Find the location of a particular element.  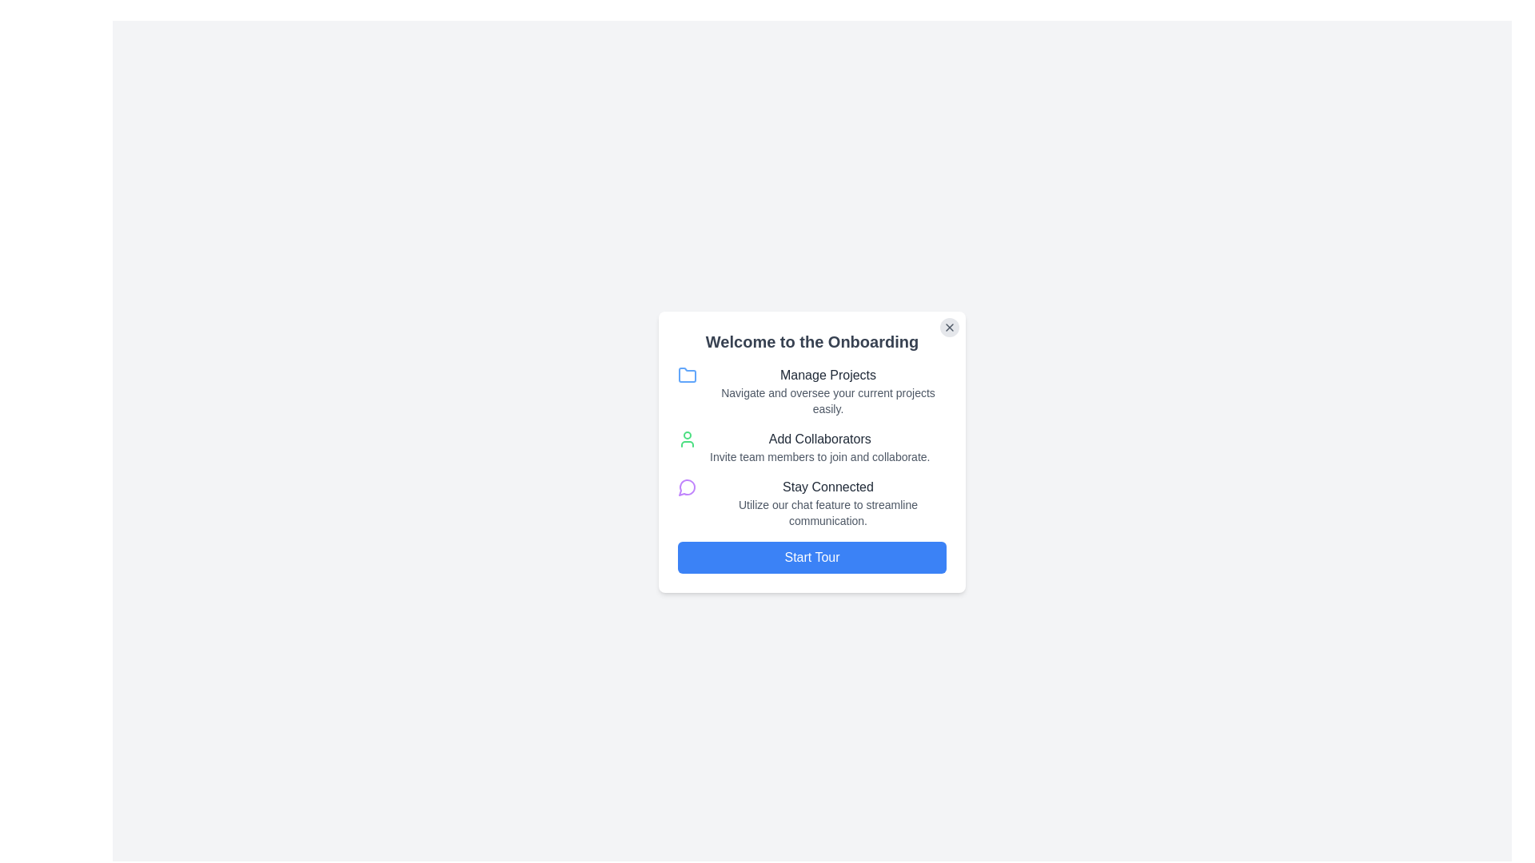

the blue rectangular button labeled 'Start Tour' for keyboard interaction is located at coordinates (812, 557).